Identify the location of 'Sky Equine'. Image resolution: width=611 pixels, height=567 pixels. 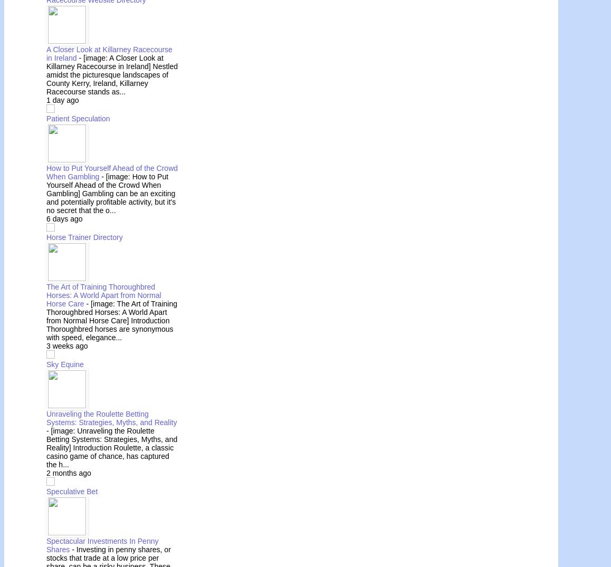
(64, 363).